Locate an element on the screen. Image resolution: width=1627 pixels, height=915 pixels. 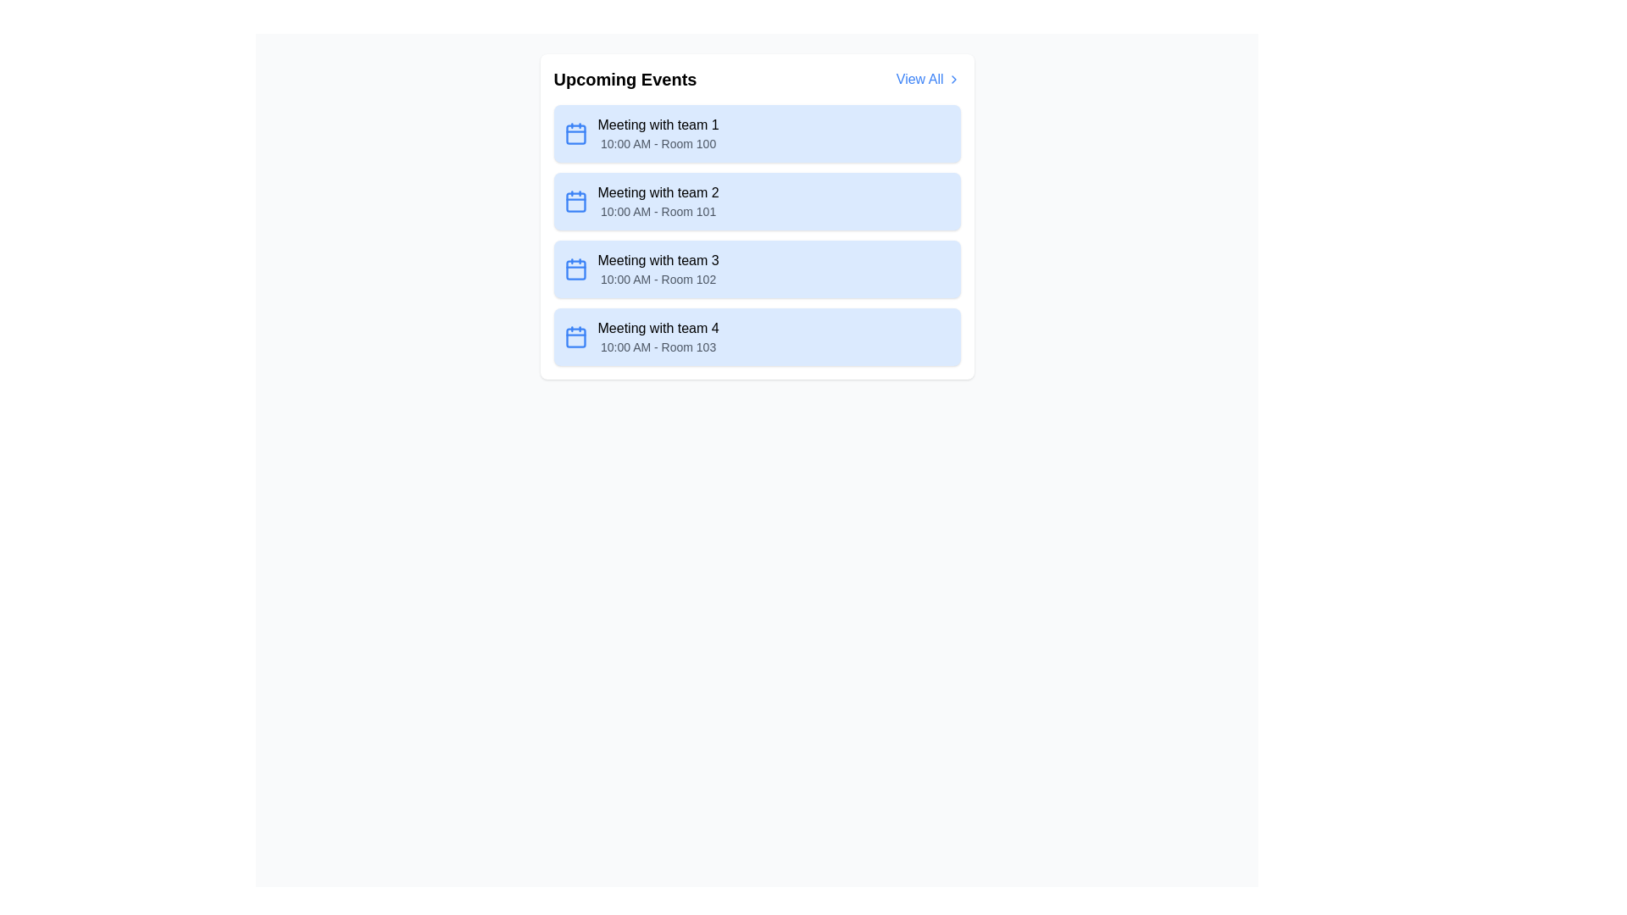
the text display for the event 'Meeting with team 1 at 10:00 AM in Room 100' is located at coordinates (658, 133).